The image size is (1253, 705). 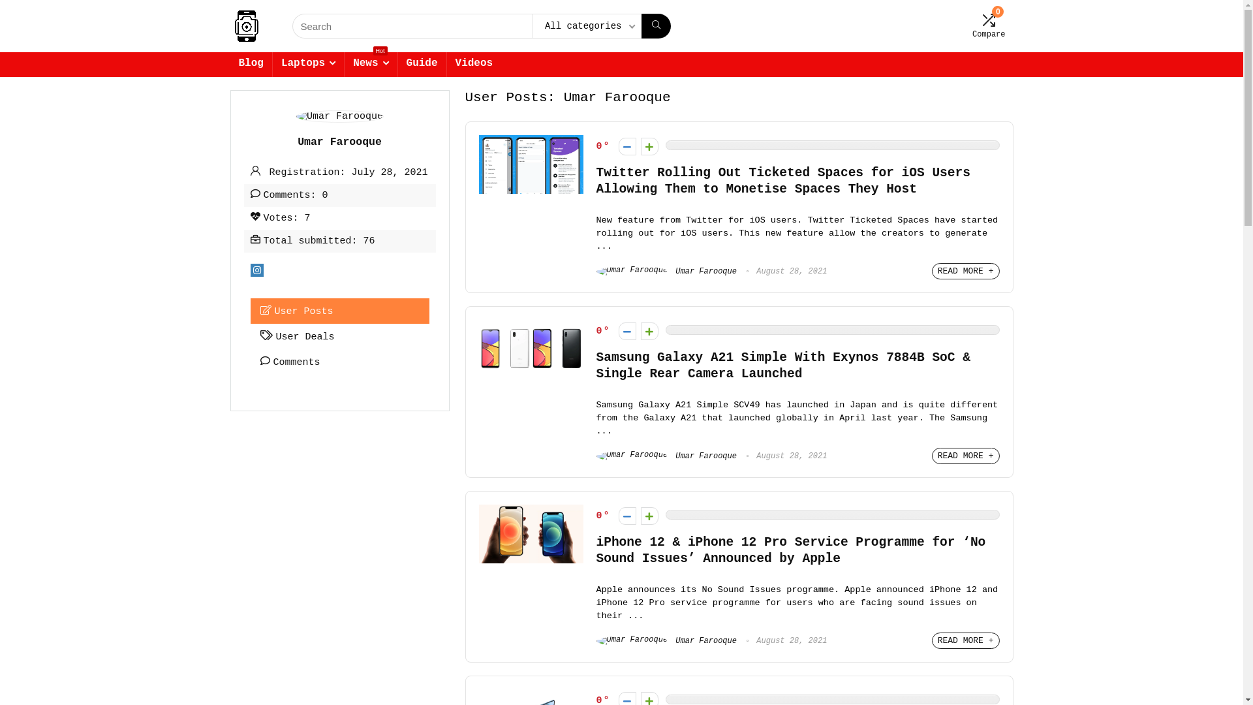 I want to click on 'Umar Farooque', so click(x=666, y=455).